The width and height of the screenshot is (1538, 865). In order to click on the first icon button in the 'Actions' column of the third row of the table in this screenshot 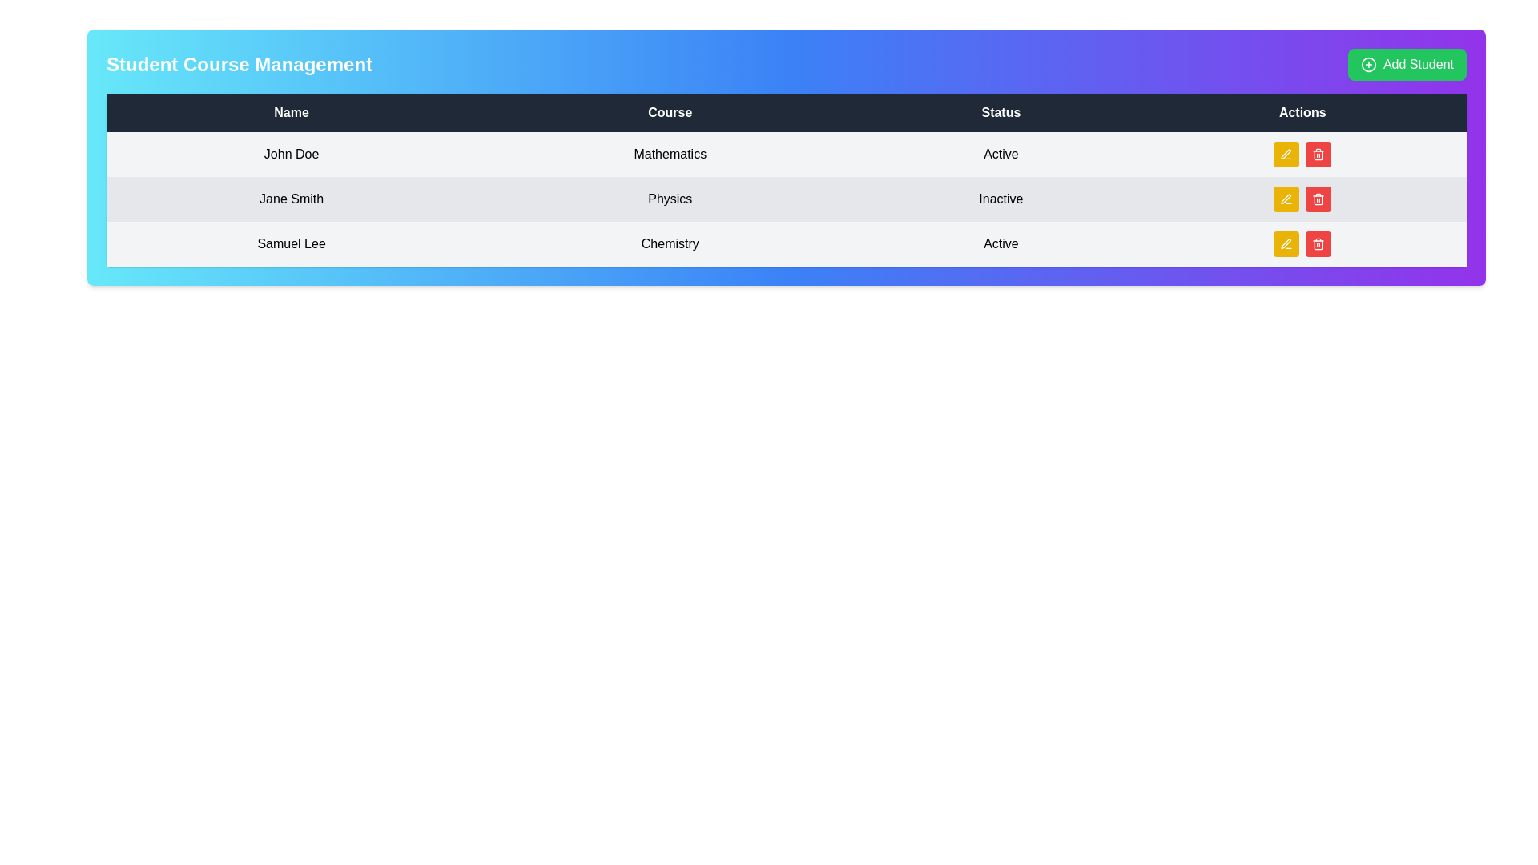, I will do `click(1285, 243)`.